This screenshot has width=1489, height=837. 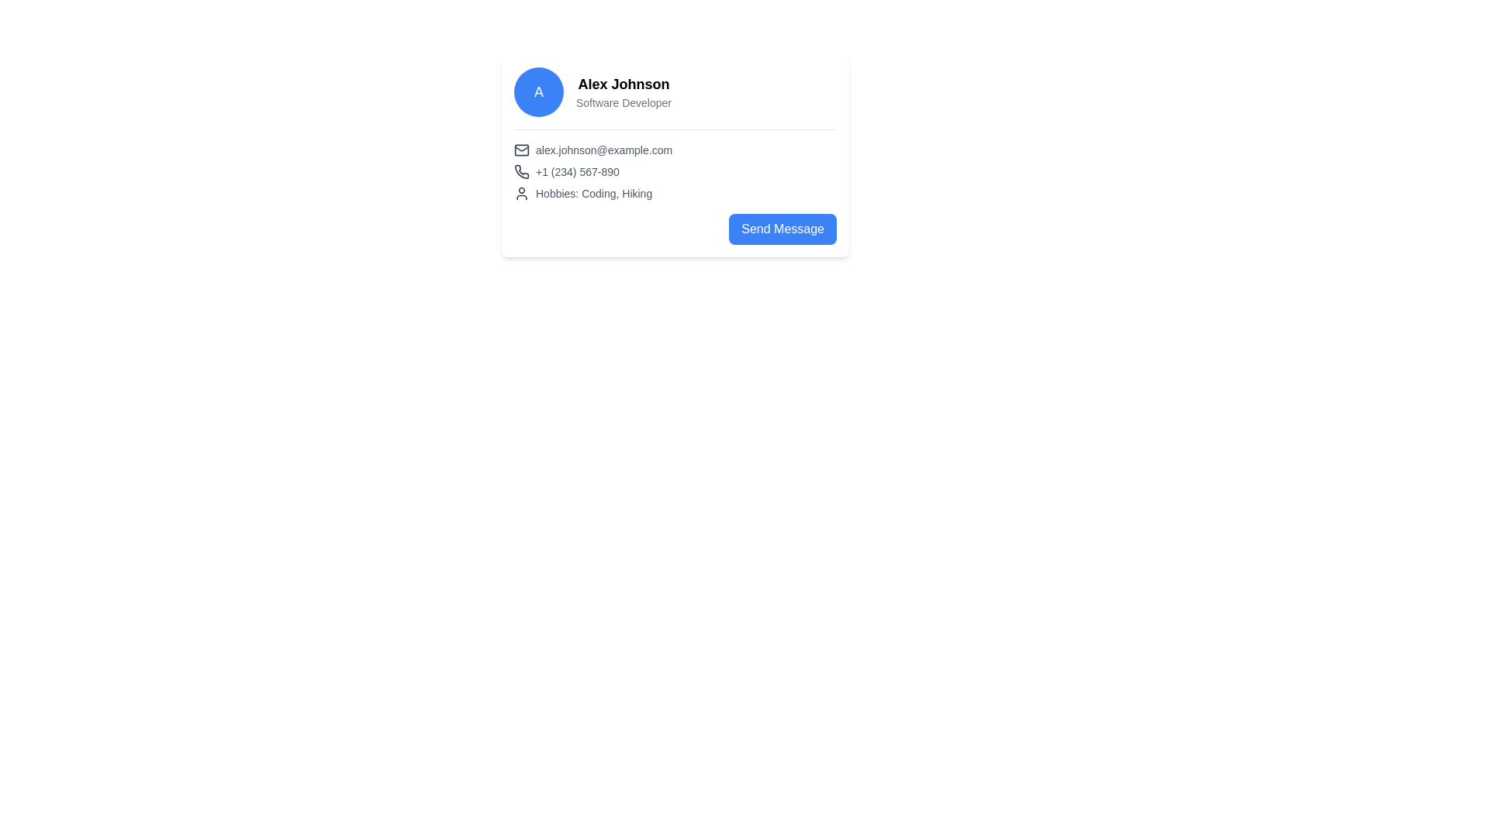 I want to click on the mail envelope icon that precedes the email address 'alex.johnson@example.com', so click(x=521, y=150).